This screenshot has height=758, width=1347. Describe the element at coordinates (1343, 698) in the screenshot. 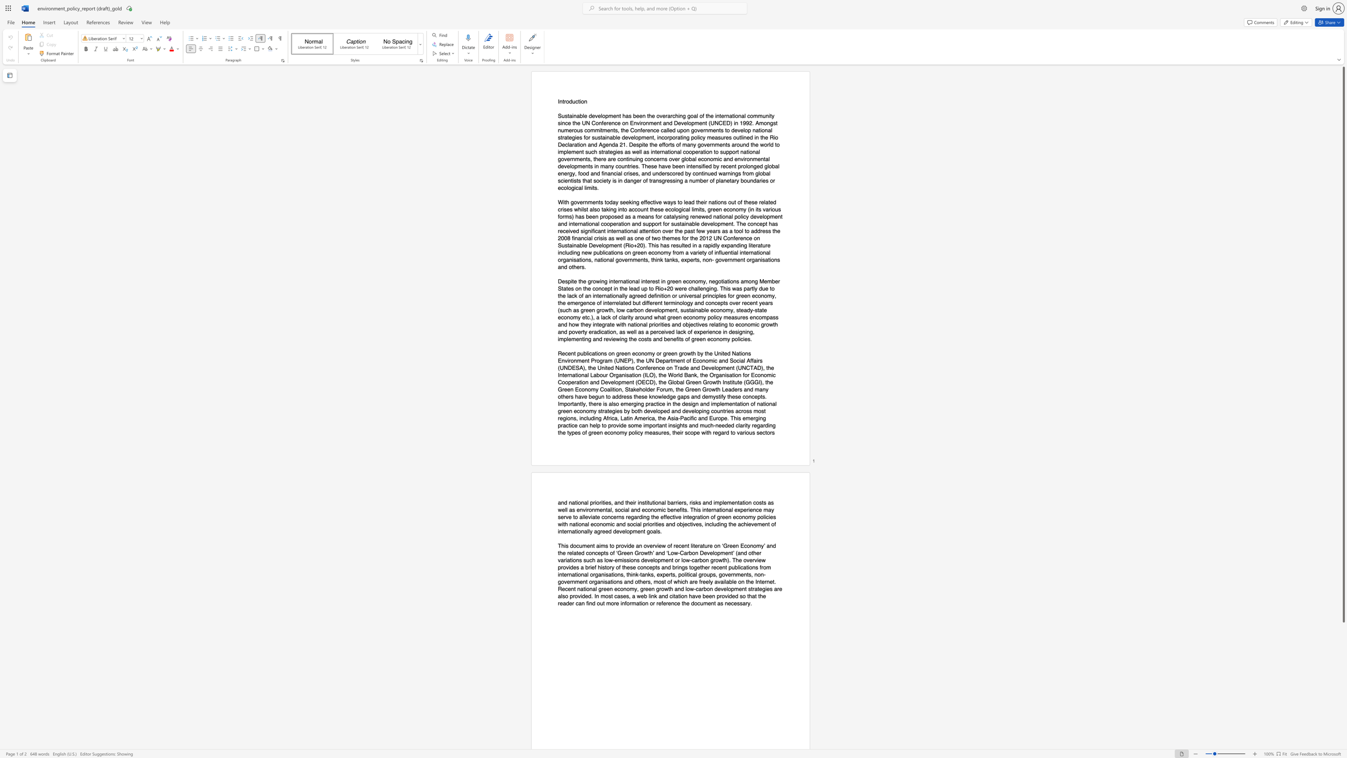

I see `the scrollbar to move the view down` at that location.